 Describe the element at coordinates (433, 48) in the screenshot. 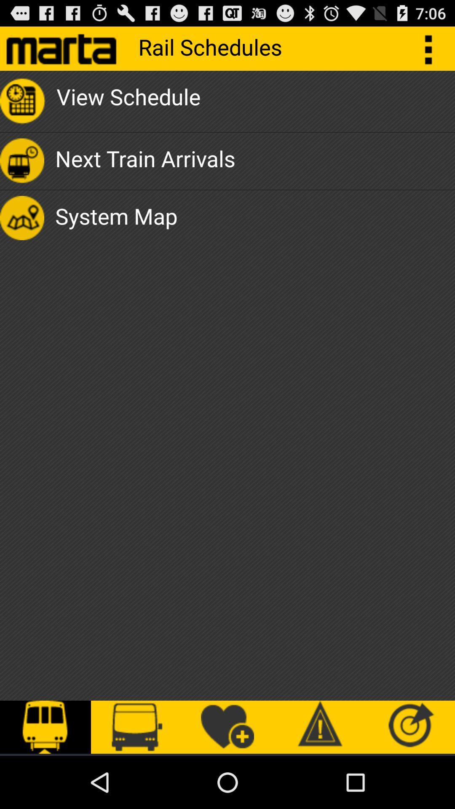

I see `the icon at the top right corner` at that location.